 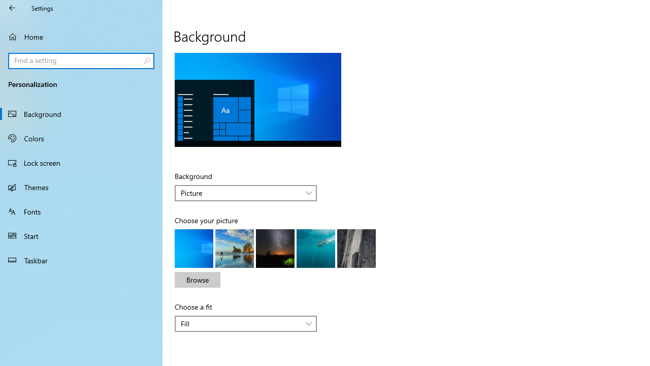 What do you see at coordinates (81, 162) in the screenshot?
I see `'Lock screen'` at bounding box center [81, 162].